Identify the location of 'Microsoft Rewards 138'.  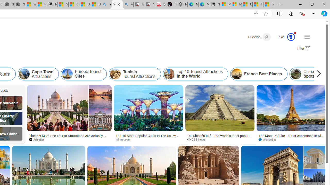
(285, 37).